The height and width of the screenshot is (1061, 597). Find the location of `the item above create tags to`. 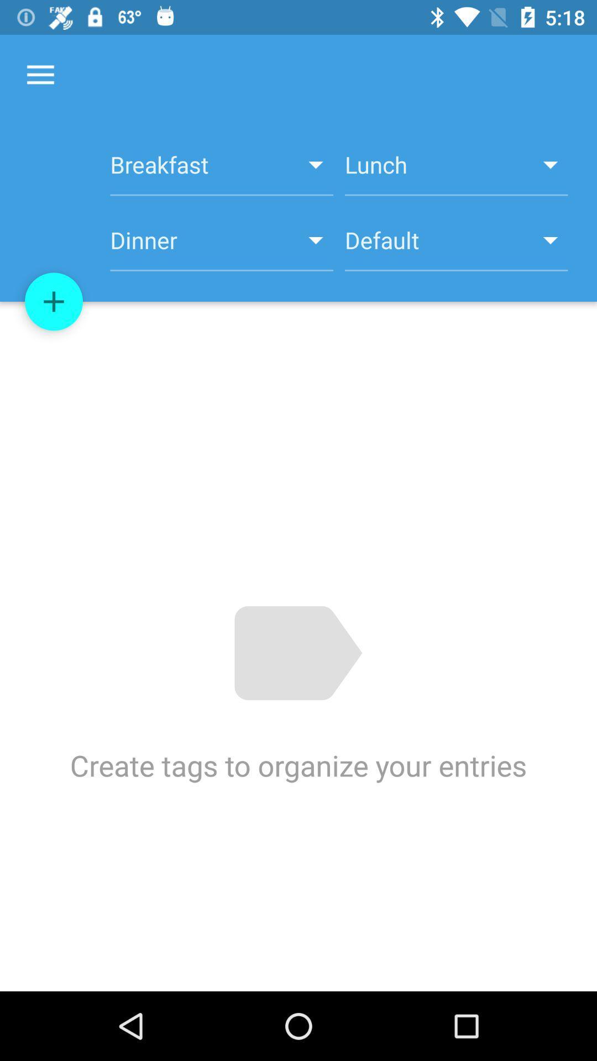

the item above create tags to is located at coordinates (54, 302).